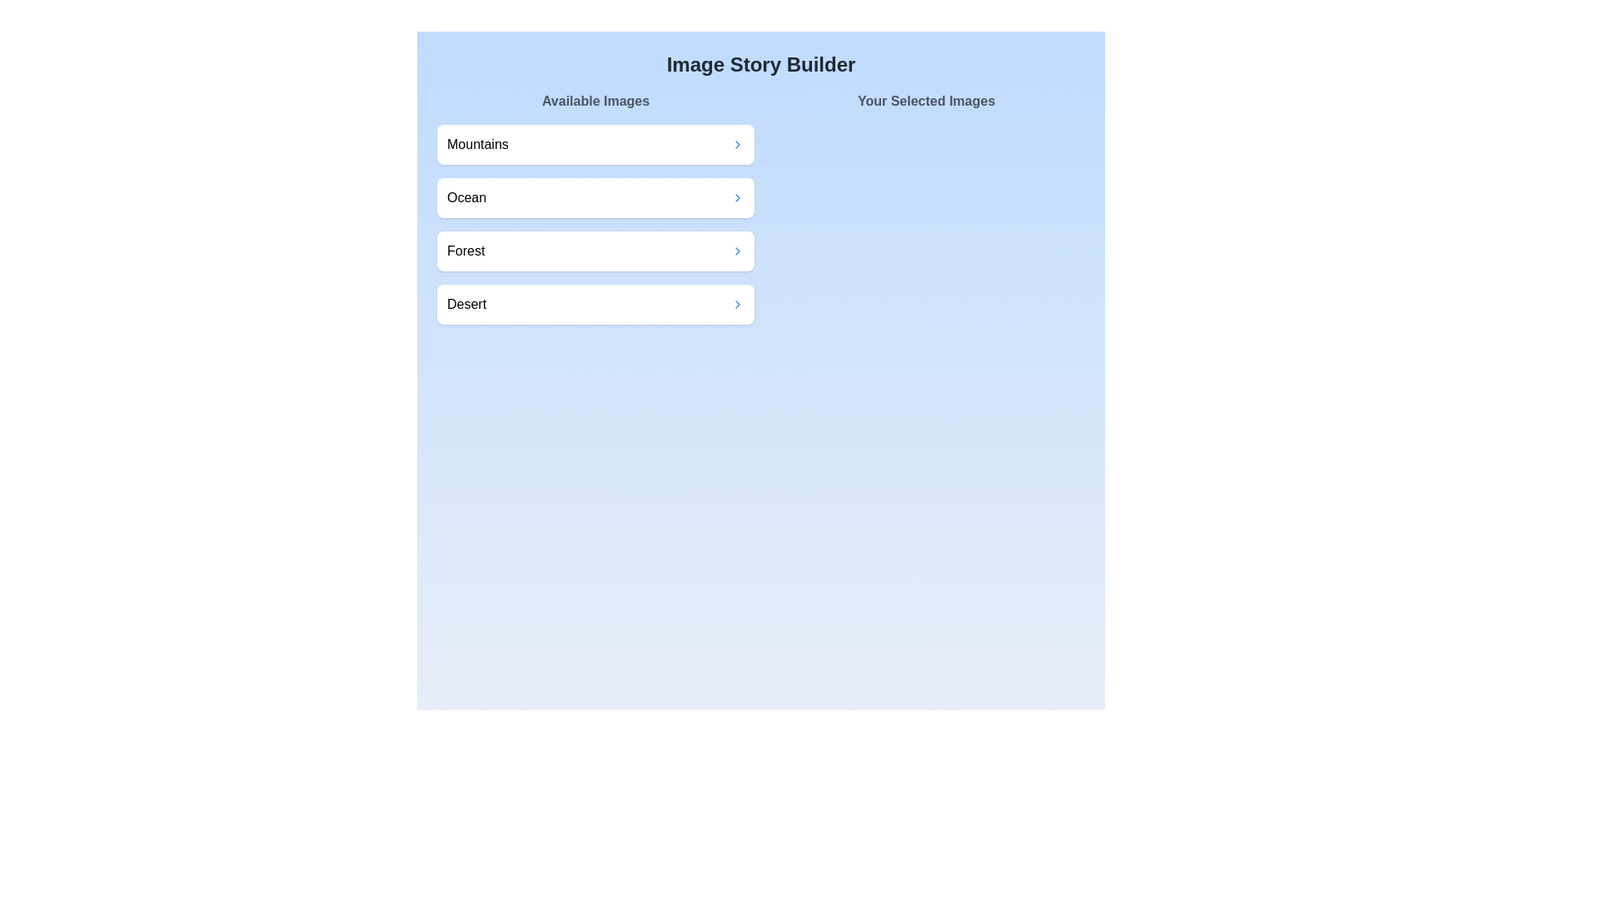 The height and width of the screenshot is (899, 1599). Describe the element at coordinates (737, 305) in the screenshot. I see `transfer button for the image labeled Desert in the 'Available Images' section` at that location.